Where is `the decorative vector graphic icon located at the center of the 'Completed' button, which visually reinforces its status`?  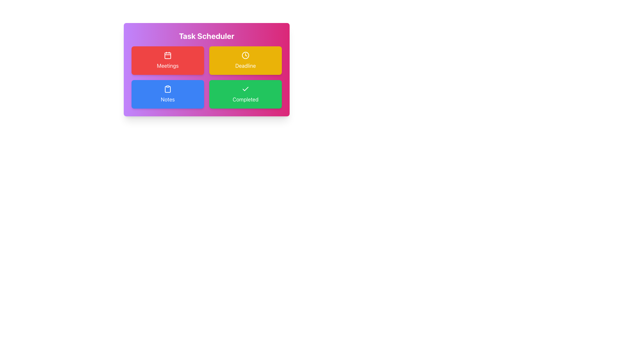 the decorative vector graphic icon located at the center of the 'Completed' button, which visually reinforces its status is located at coordinates (245, 89).